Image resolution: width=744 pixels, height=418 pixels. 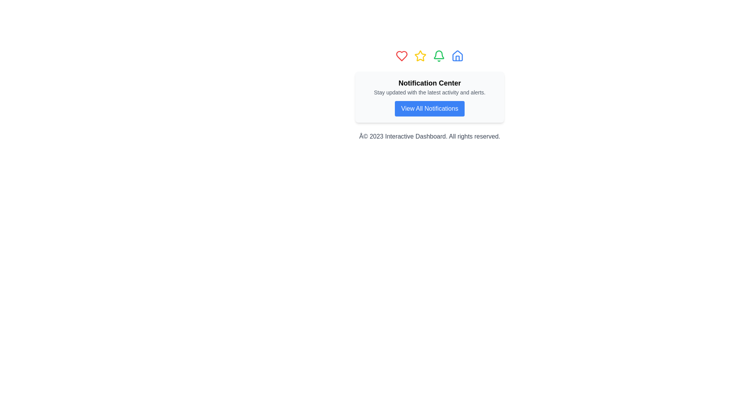 I want to click on the rectangular button with a blue background and white text reading 'View All Notifications', so click(x=429, y=109).